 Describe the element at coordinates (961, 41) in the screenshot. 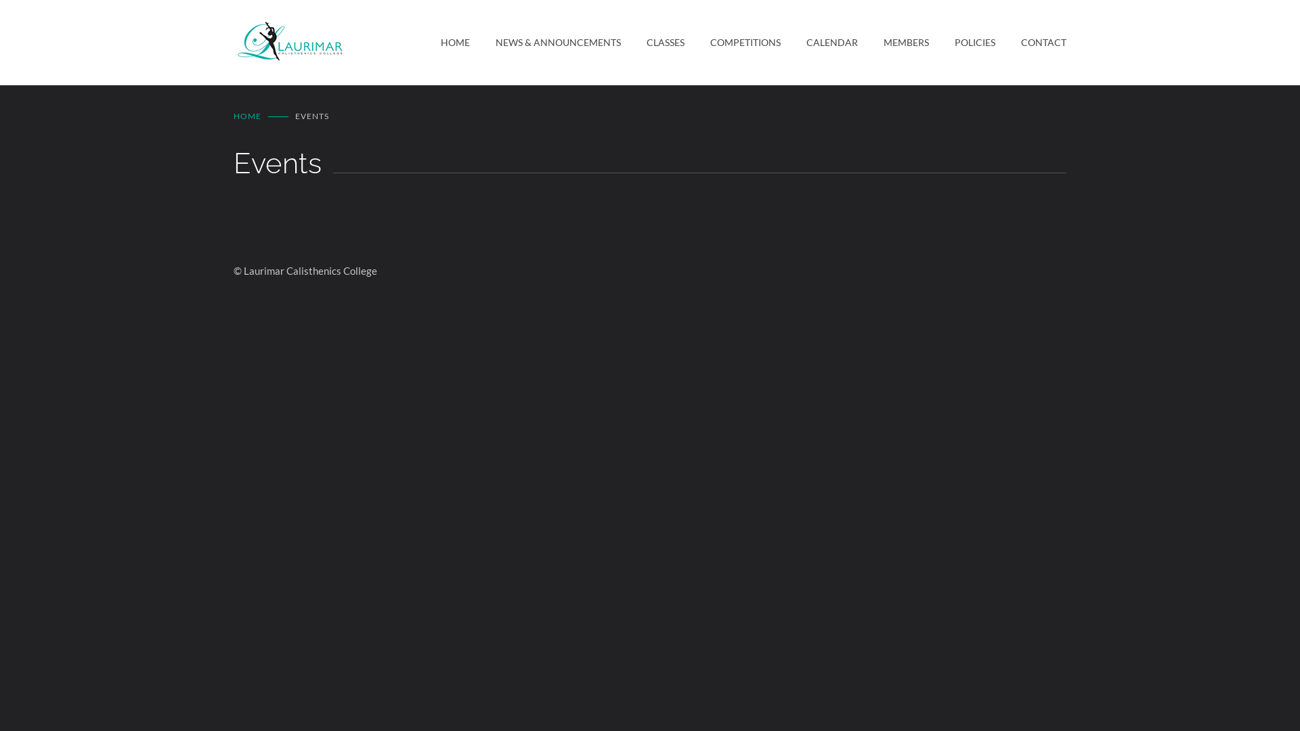

I see `'POLICIES'` at that location.